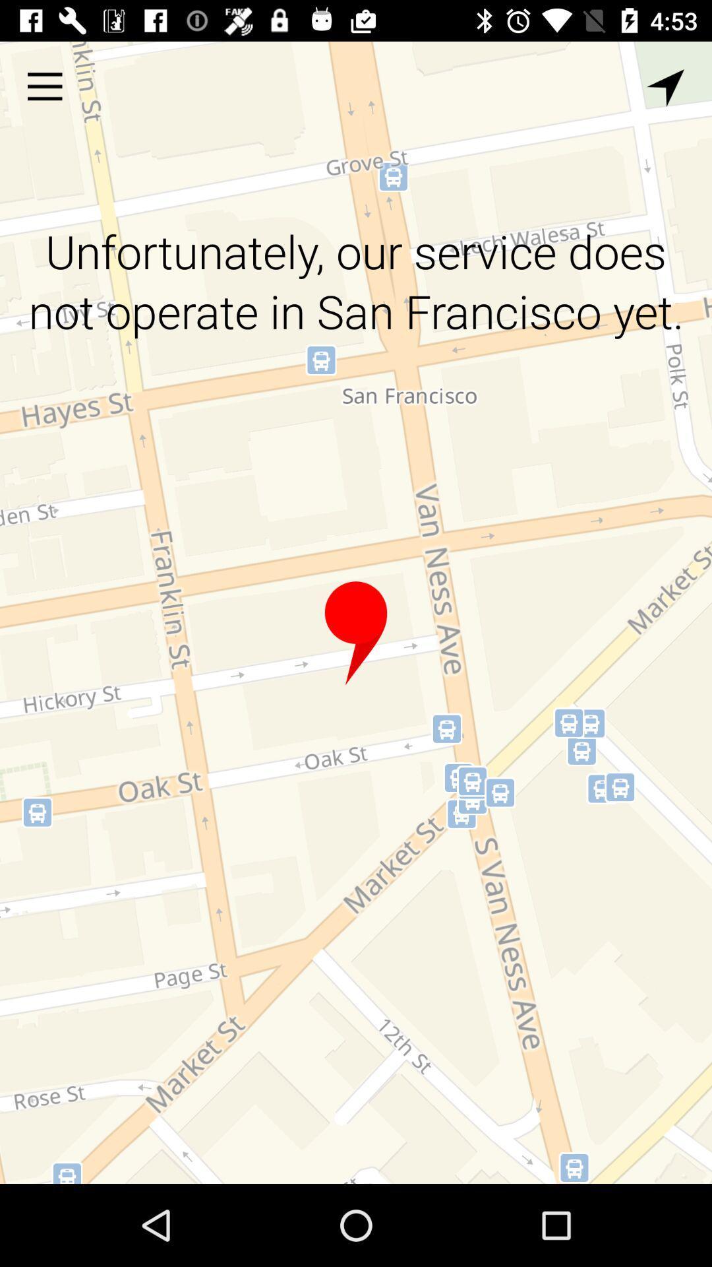  Describe the element at coordinates (356, 633) in the screenshot. I see `conducimos por ti` at that location.